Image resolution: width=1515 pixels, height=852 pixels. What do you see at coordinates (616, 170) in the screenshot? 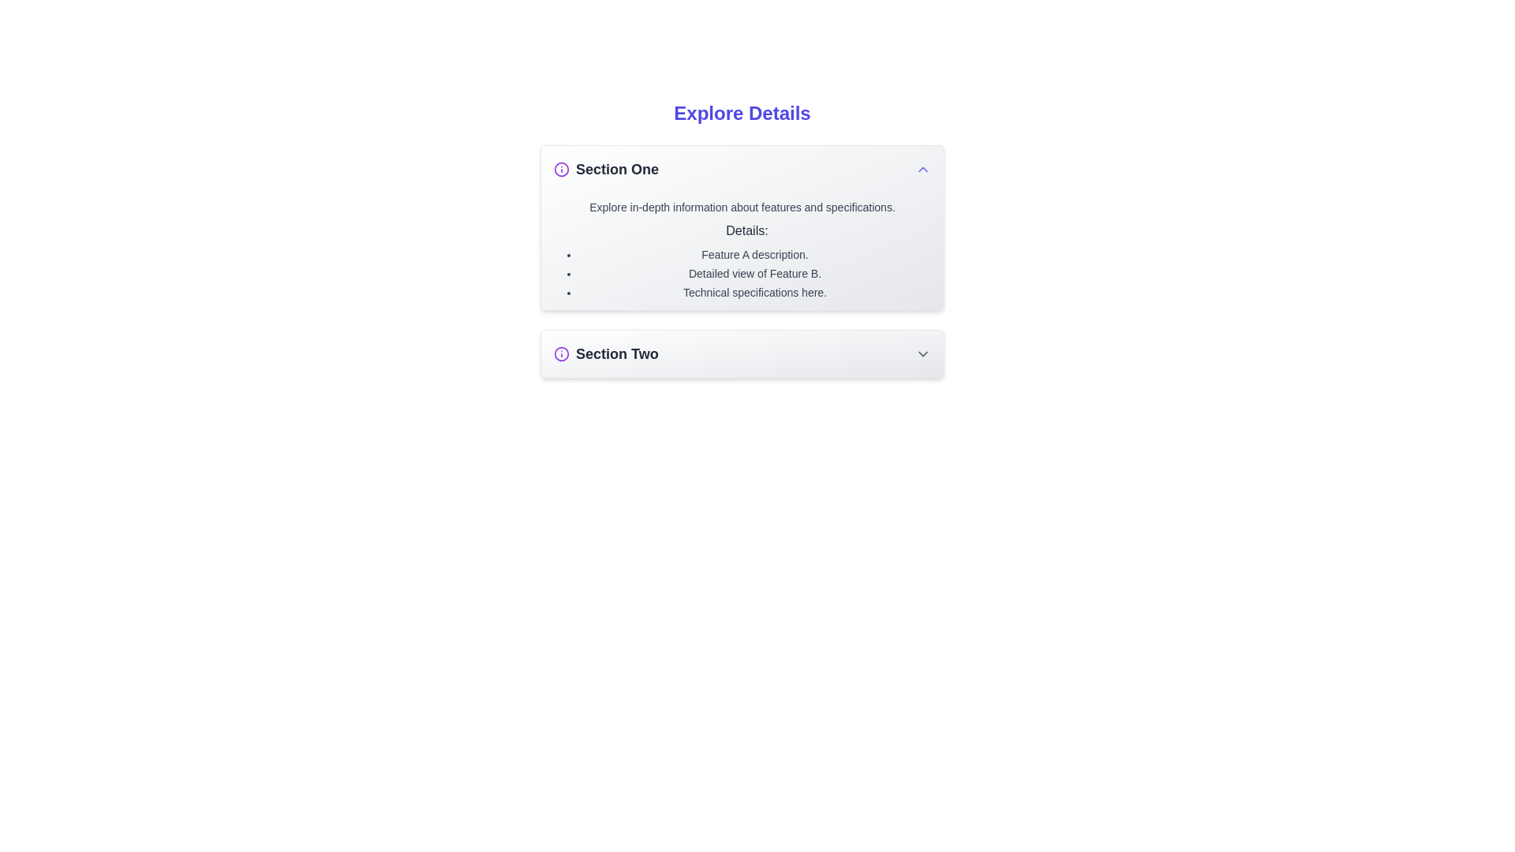
I see `text from the Text Label positioned at the top left of the detailed section, which serves as a title or identifier for a collapsible or expandable information section` at bounding box center [616, 170].